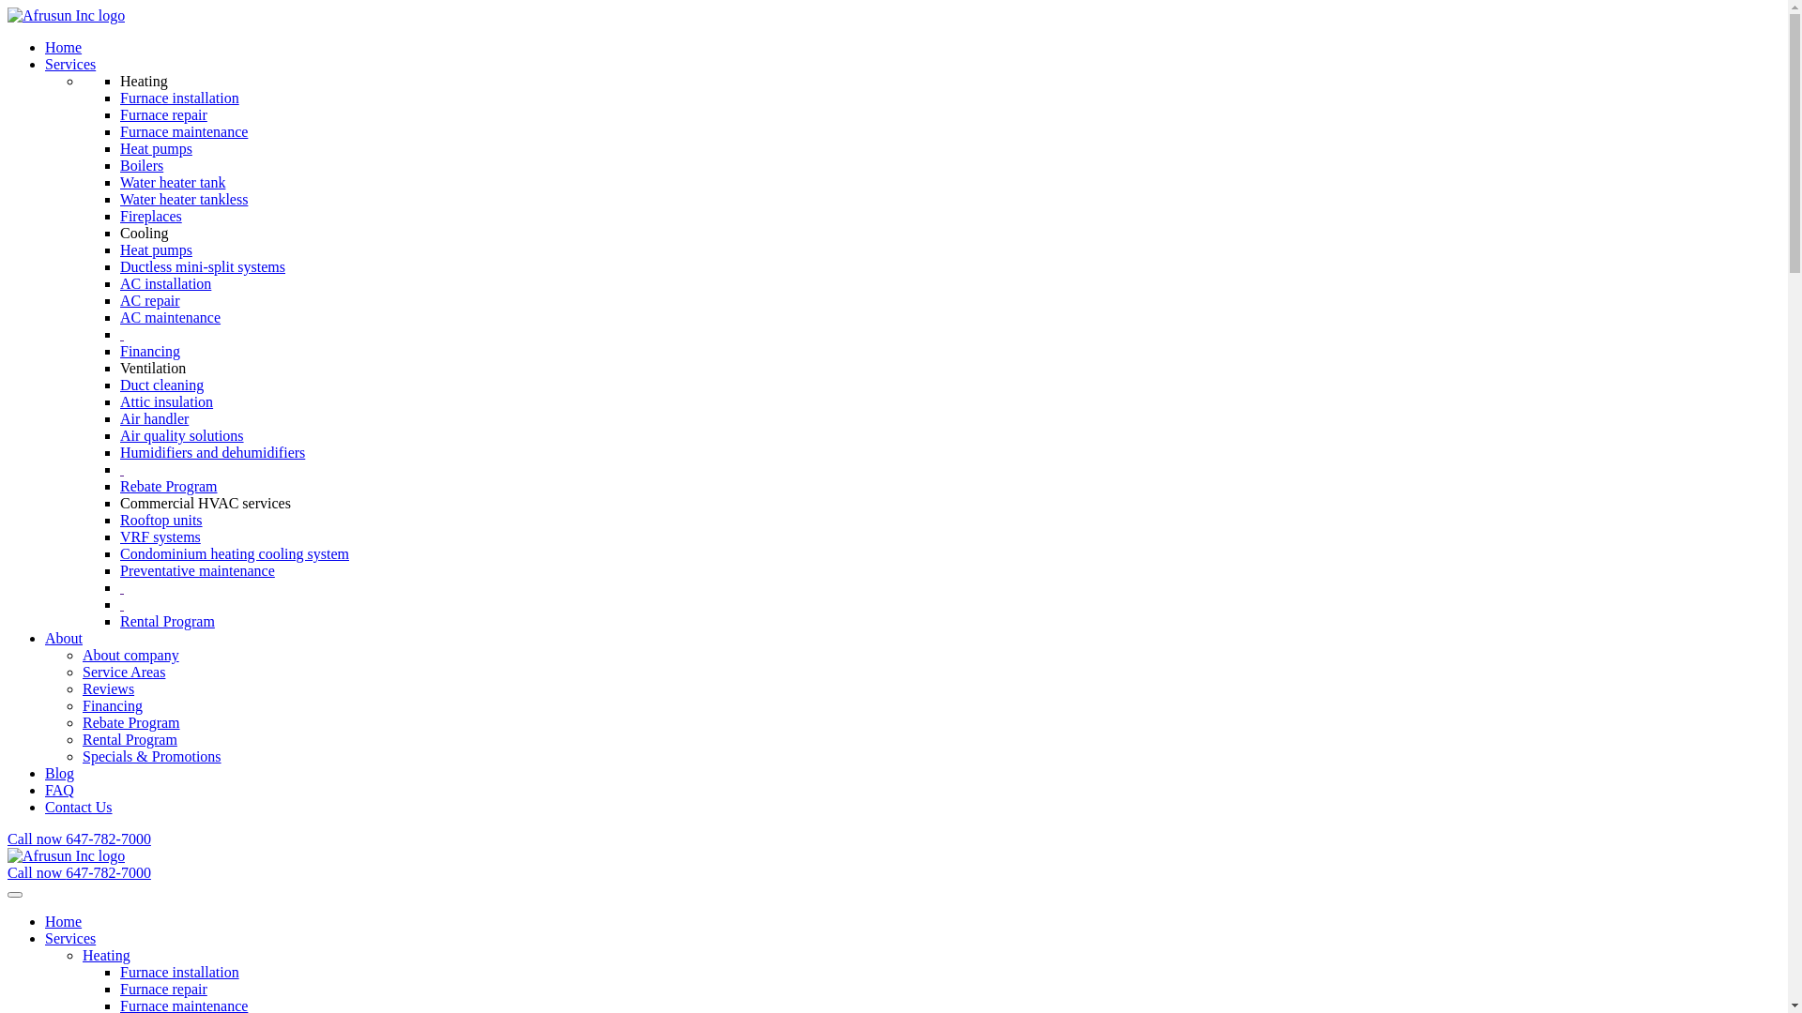 This screenshot has height=1013, width=1802. What do you see at coordinates (81, 755) in the screenshot?
I see `'Specials & Promotions'` at bounding box center [81, 755].